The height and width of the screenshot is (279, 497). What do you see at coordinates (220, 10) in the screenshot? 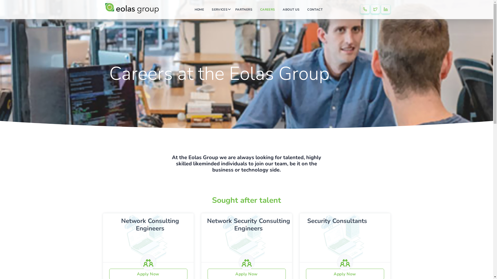
I see `'SERVICES'` at bounding box center [220, 10].